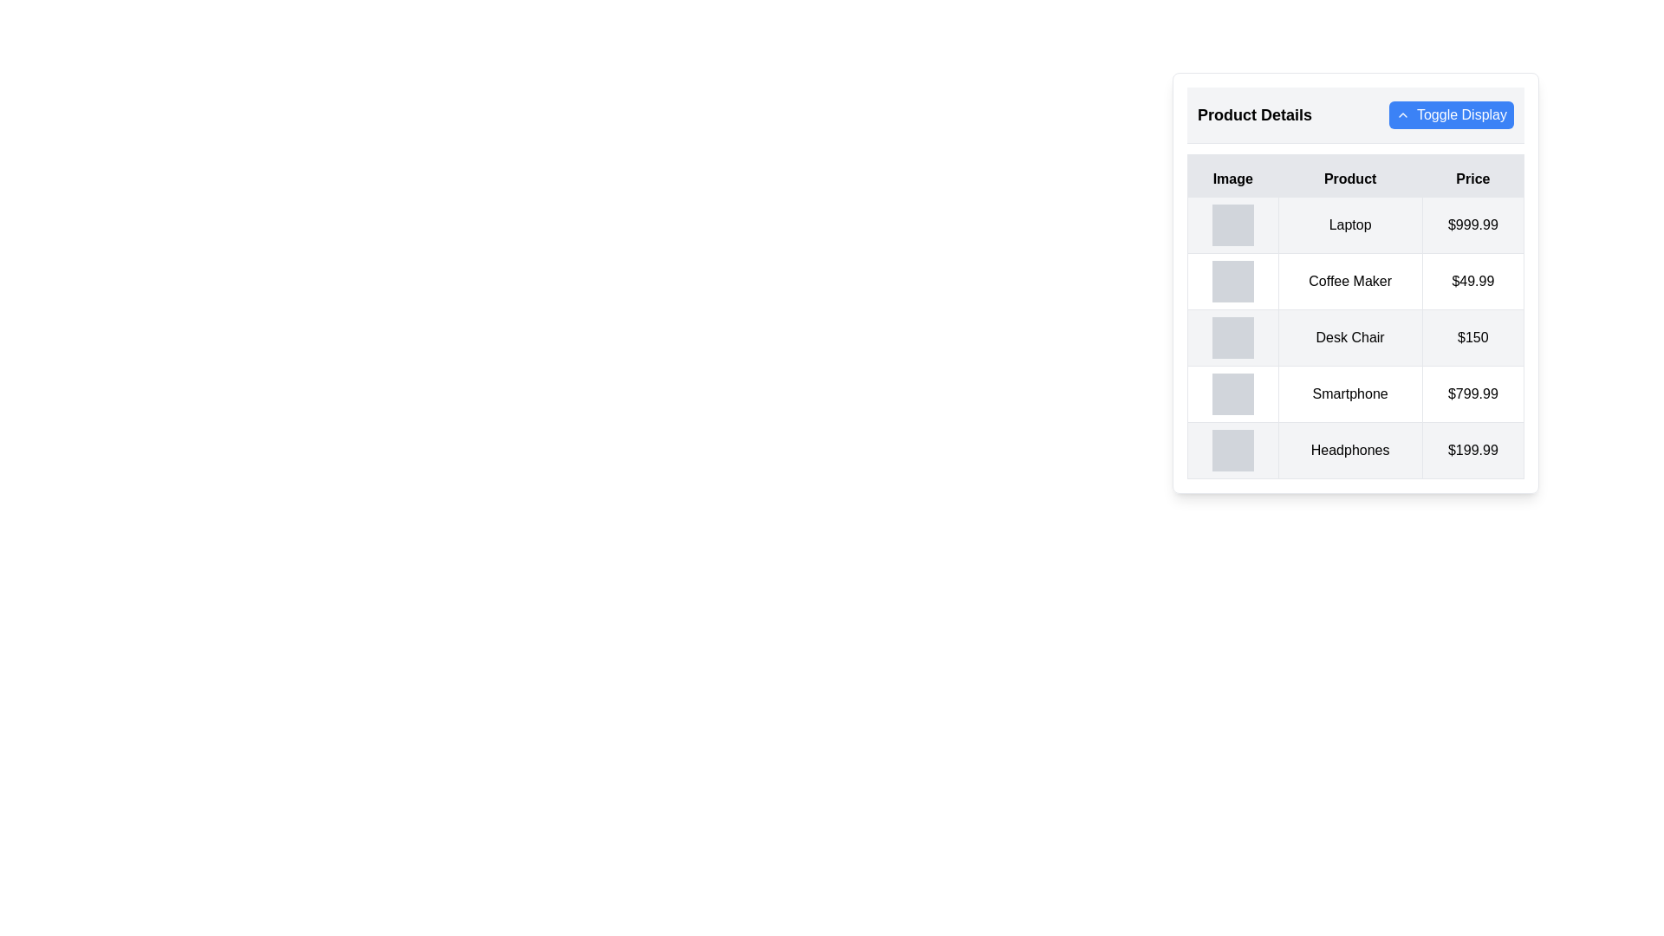 The height and width of the screenshot is (936, 1664). Describe the element at coordinates (1472, 176) in the screenshot. I see `the Table Header Cell for the 'Price' column, which is the third header in the tabular layout` at that location.